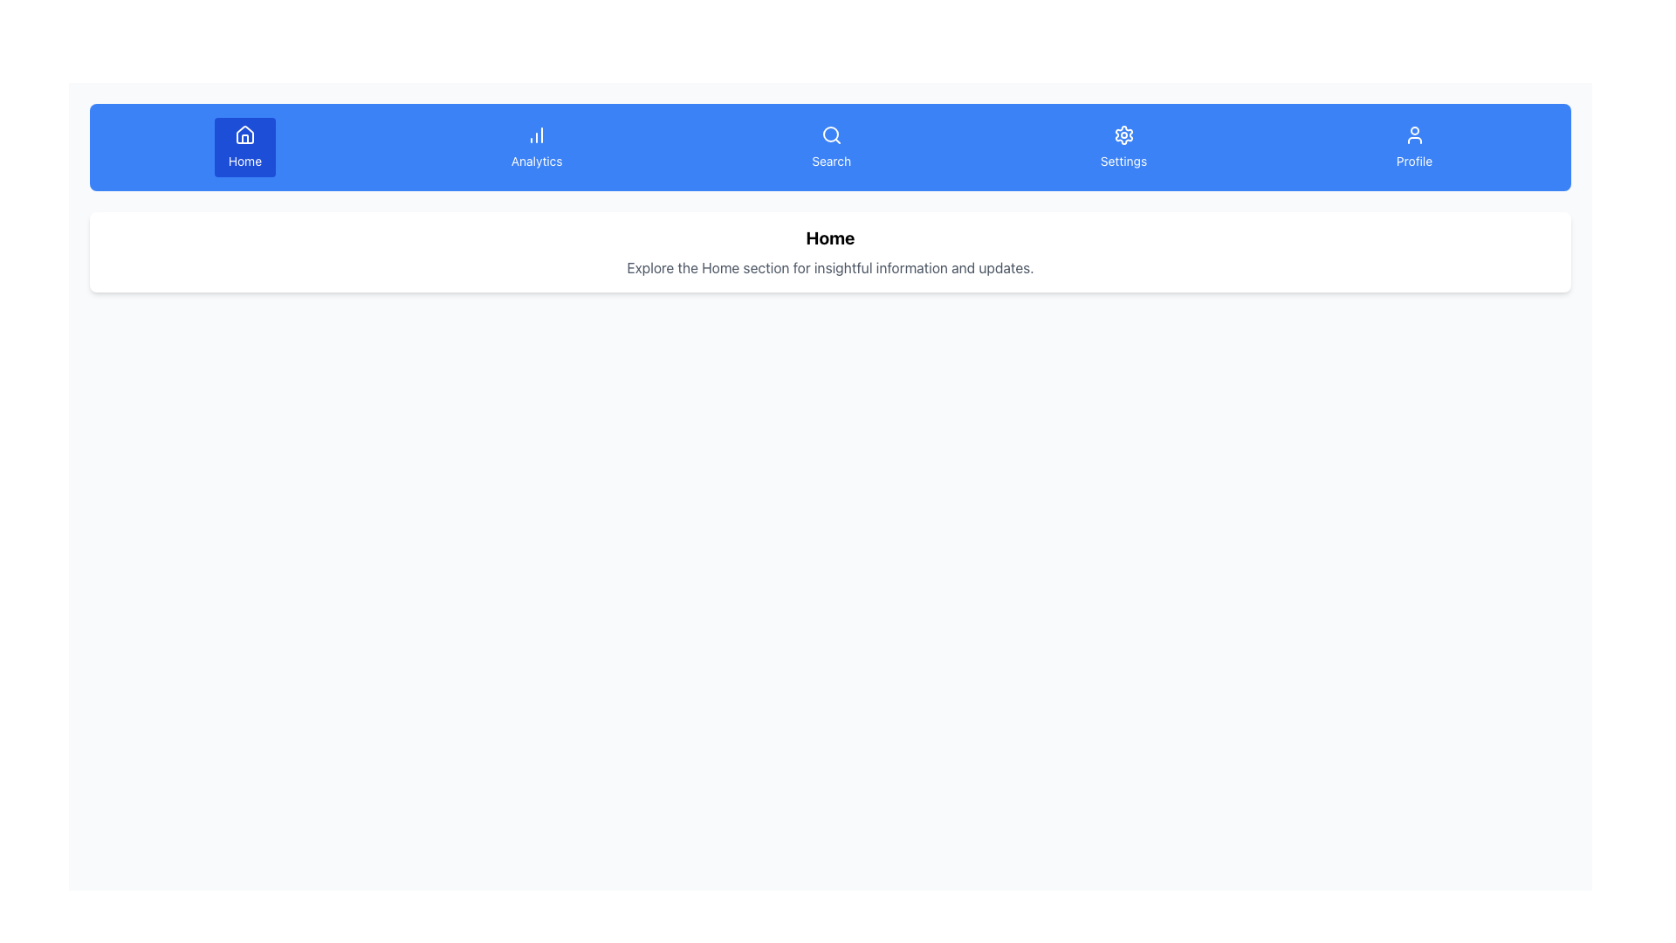 The image size is (1676, 943). I want to click on the 'Analytics' text label, which is styled in a small font and located below the bar chart icon in the navigation menu on a blue background, so click(536, 162).